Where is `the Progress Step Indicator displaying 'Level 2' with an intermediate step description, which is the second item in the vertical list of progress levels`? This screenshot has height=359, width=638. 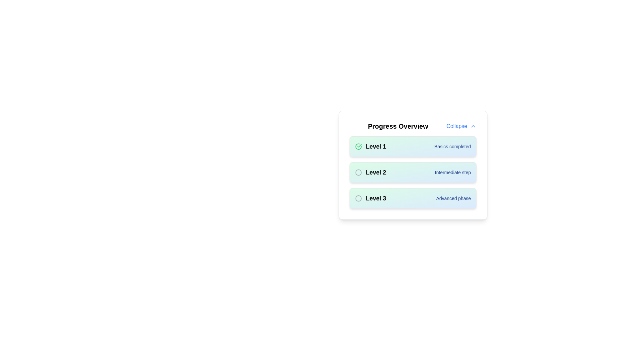 the Progress Step Indicator displaying 'Level 2' with an intermediate step description, which is the second item in the vertical list of progress levels is located at coordinates (413, 172).